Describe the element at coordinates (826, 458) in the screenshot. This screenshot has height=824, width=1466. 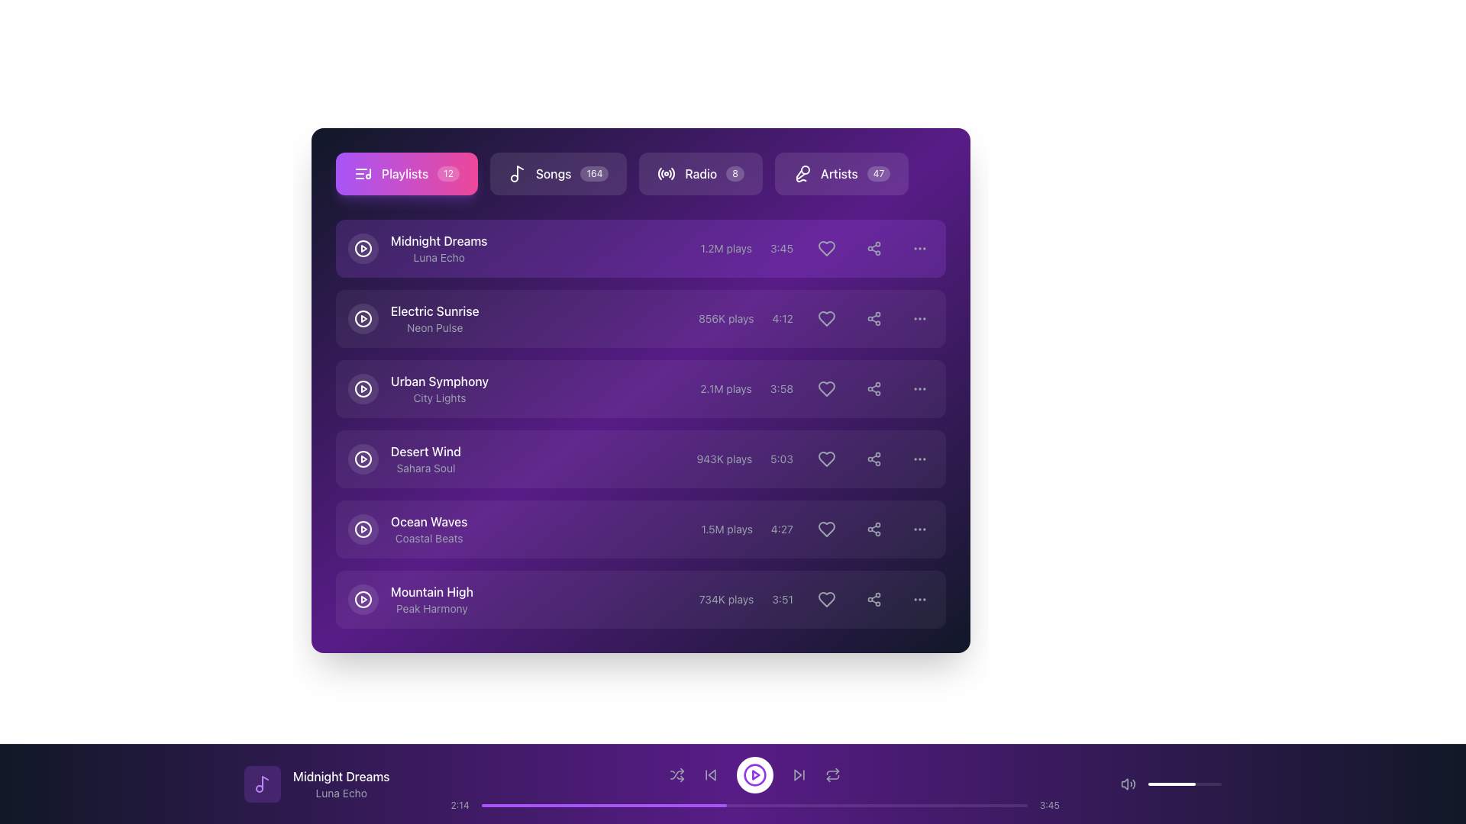
I see `the heart icon button in the 'Desert Wind' playlist` at that location.